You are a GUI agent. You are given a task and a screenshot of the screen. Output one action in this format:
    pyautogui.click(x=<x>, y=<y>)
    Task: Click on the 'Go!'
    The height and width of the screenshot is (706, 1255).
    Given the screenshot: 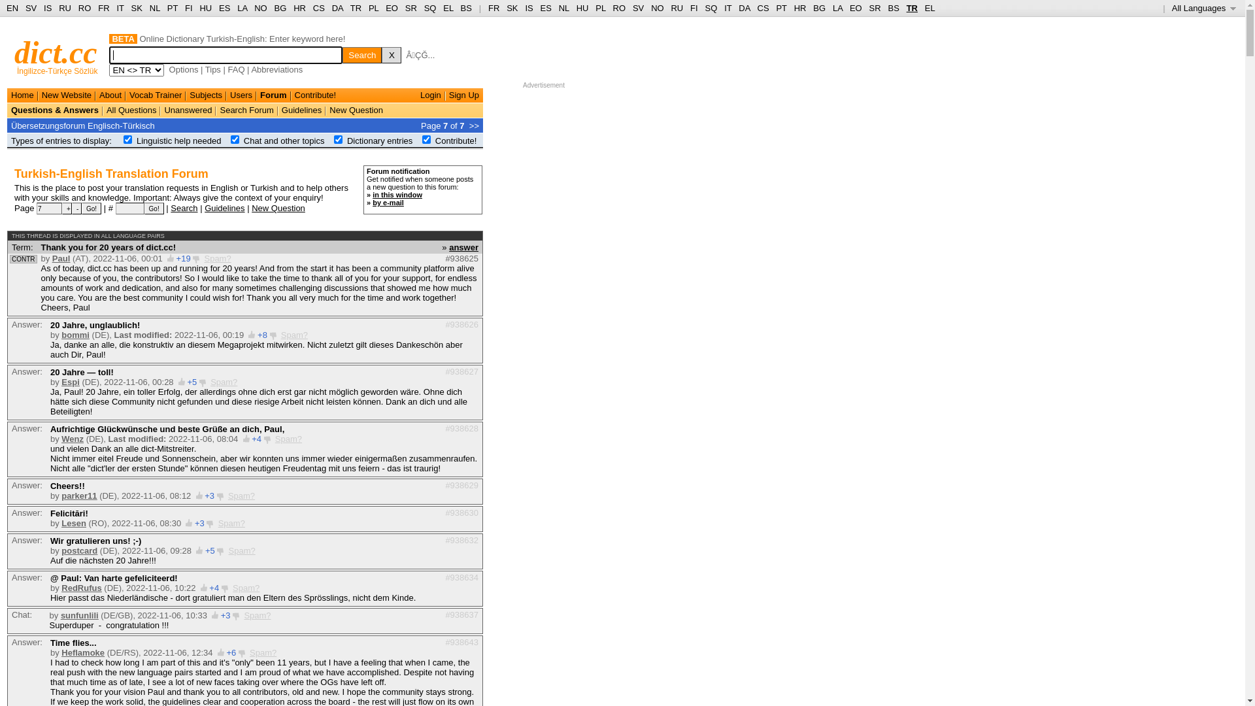 What is the action you would take?
    pyautogui.click(x=154, y=208)
    